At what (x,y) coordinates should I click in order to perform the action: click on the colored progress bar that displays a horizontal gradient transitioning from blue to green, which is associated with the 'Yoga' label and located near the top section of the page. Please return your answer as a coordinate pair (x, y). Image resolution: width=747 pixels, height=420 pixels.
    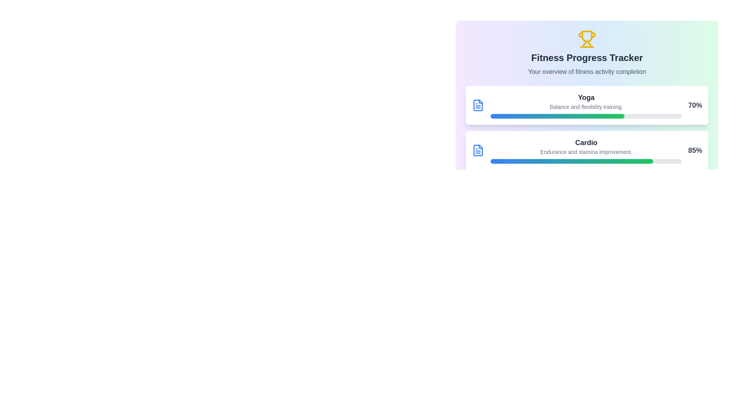
    Looking at the image, I should click on (557, 116).